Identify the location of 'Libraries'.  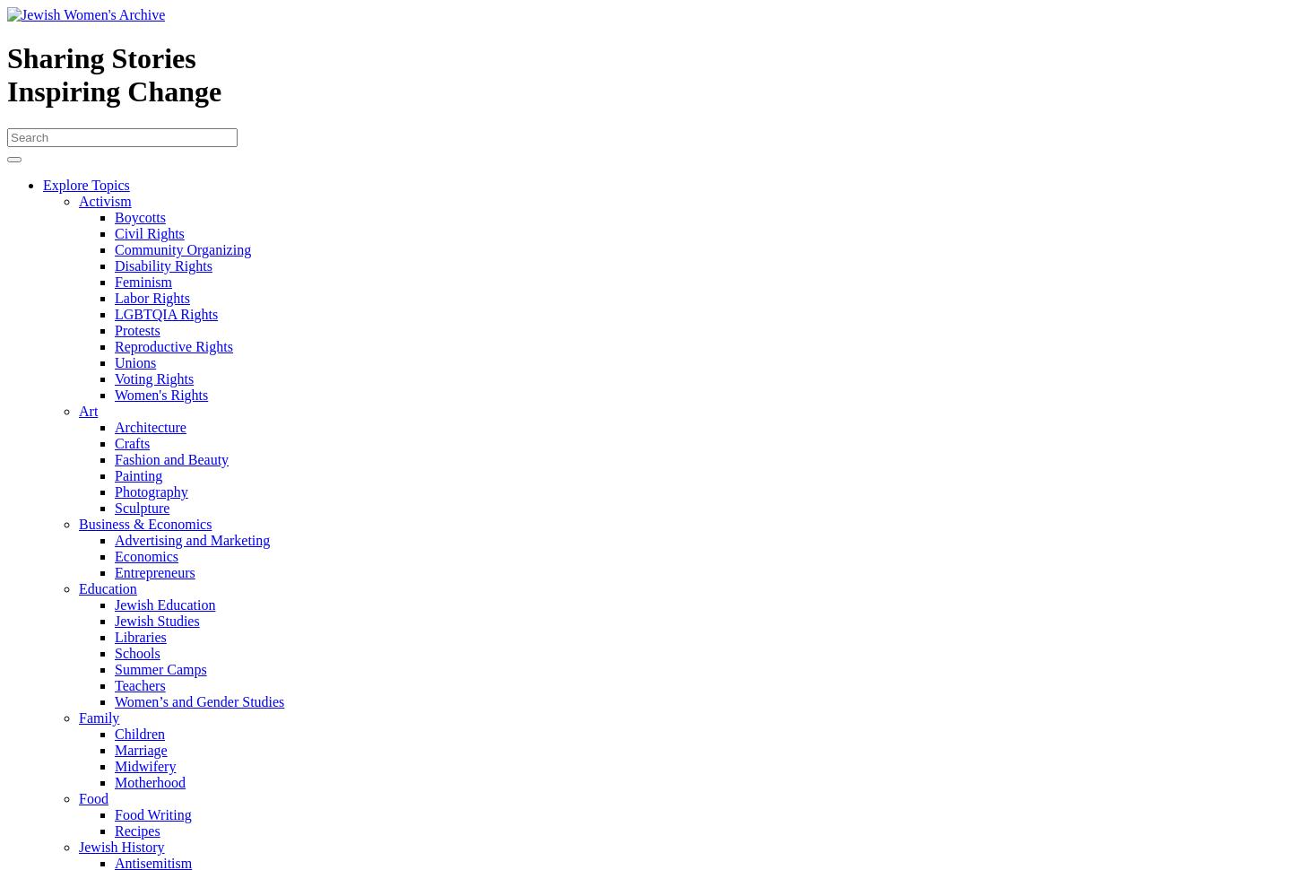
(139, 636).